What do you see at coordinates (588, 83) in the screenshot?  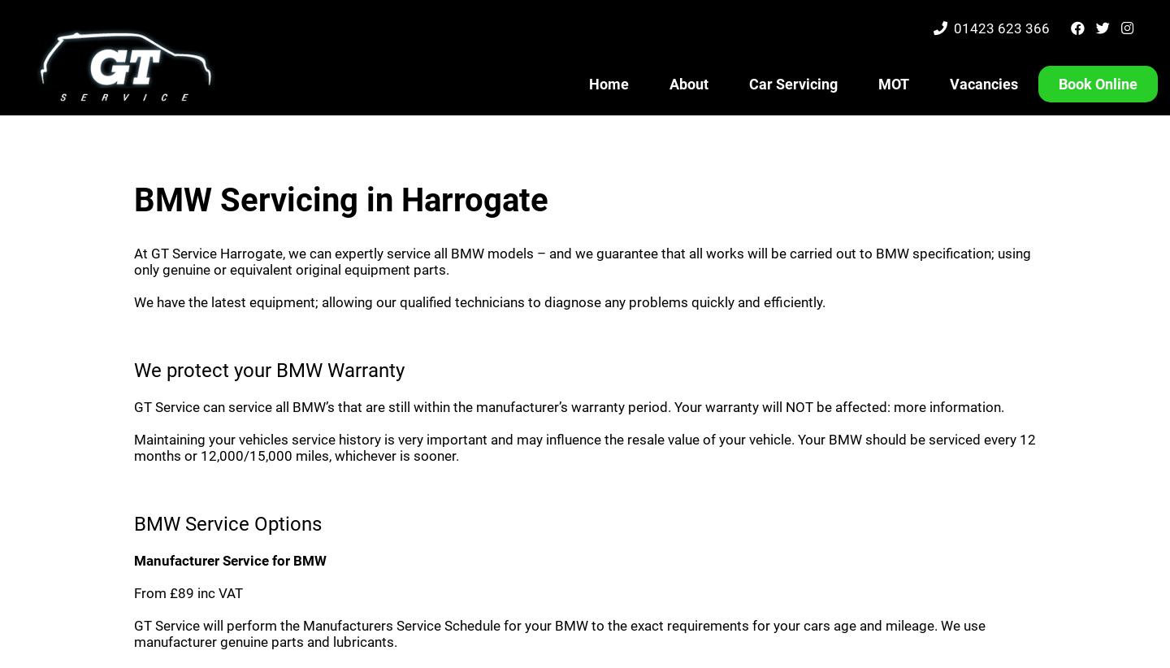 I see `'Home'` at bounding box center [588, 83].